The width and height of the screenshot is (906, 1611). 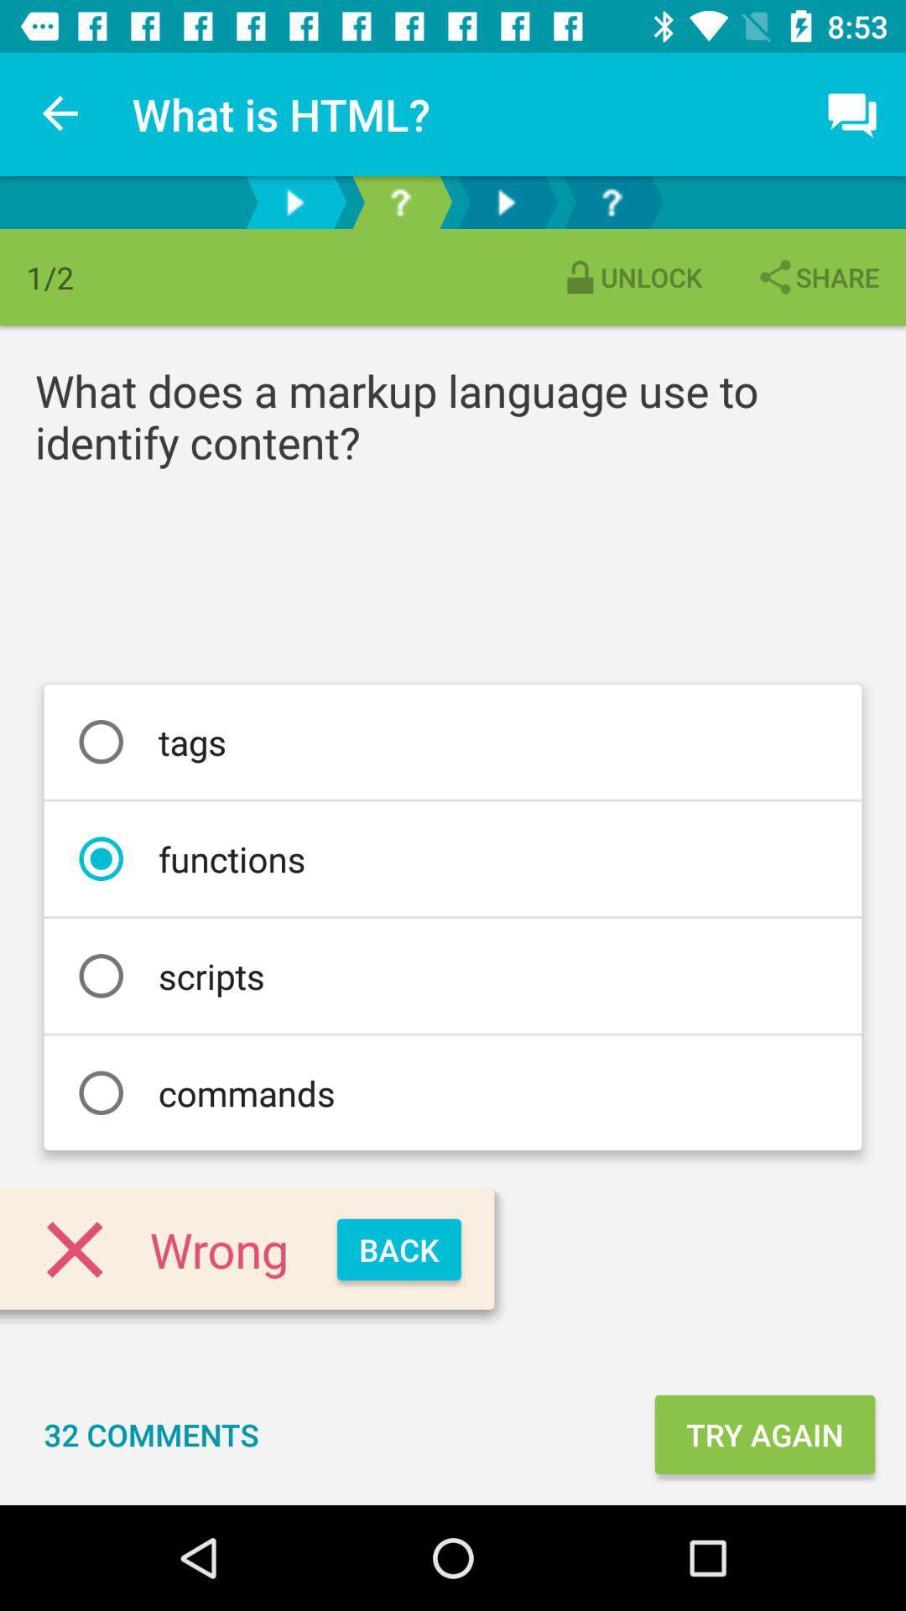 I want to click on help button, so click(x=612, y=201).